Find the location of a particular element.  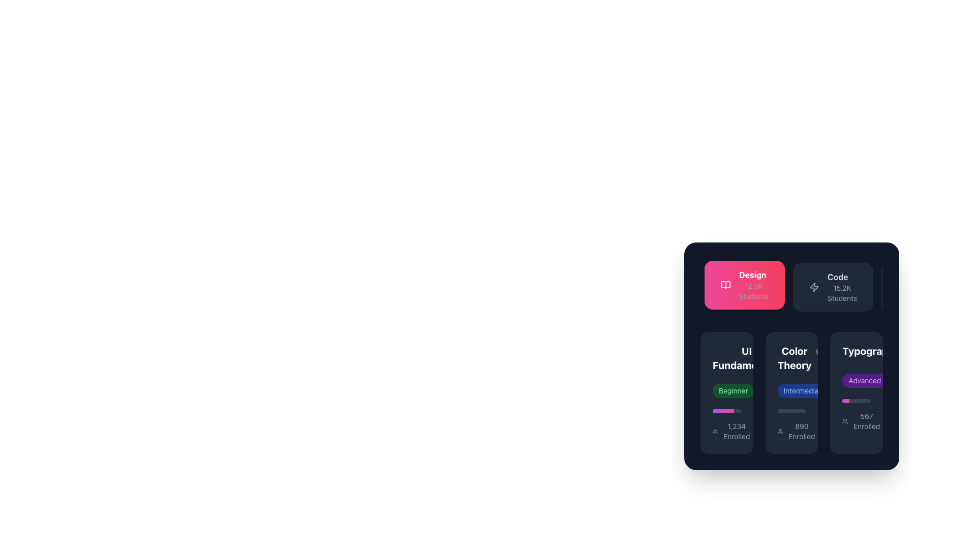

the progress visualization of the Typography course represented by the progress bar located below the 'Advanced' badge and above the text '567 Enrolled' is located at coordinates (856, 401).